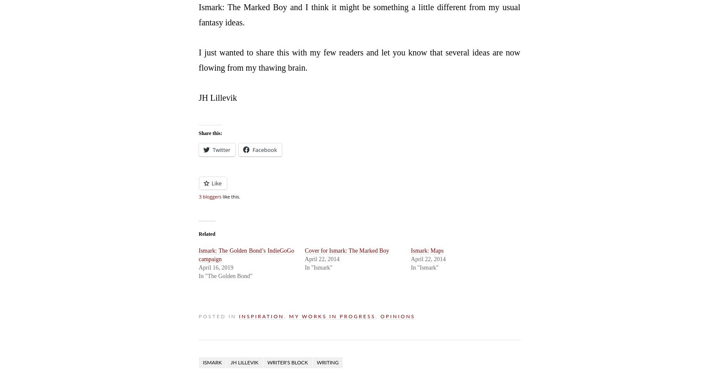  I want to click on 'Posted in', so click(218, 316).